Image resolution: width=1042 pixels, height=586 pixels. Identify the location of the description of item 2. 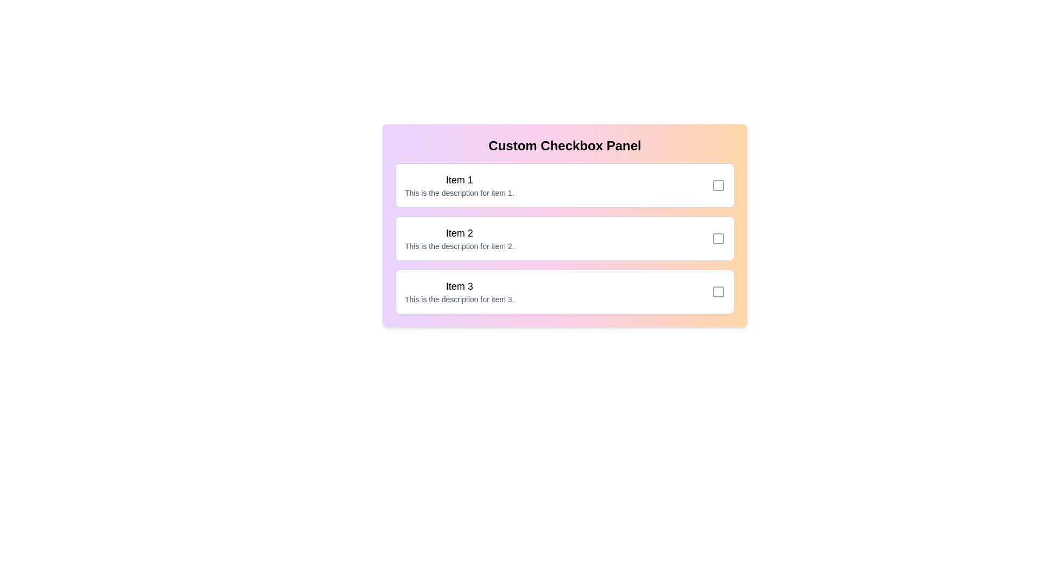
(459, 246).